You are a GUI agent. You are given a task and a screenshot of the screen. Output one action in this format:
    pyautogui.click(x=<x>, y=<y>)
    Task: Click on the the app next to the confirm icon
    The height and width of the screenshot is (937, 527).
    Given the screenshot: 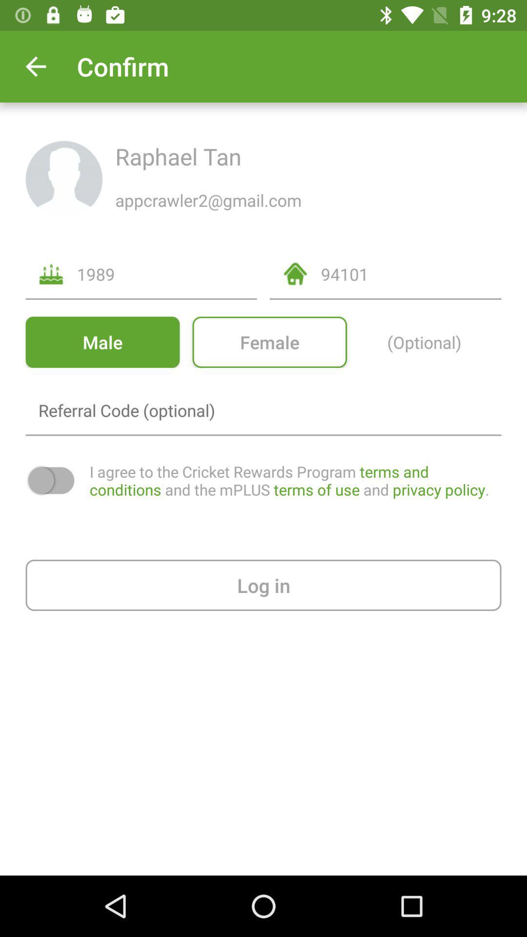 What is the action you would take?
    pyautogui.click(x=35, y=66)
    